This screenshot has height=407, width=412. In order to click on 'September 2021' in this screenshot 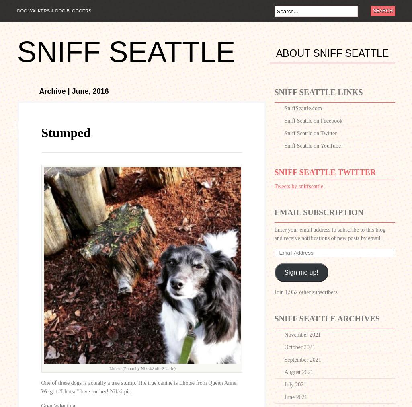, I will do `click(302, 360)`.